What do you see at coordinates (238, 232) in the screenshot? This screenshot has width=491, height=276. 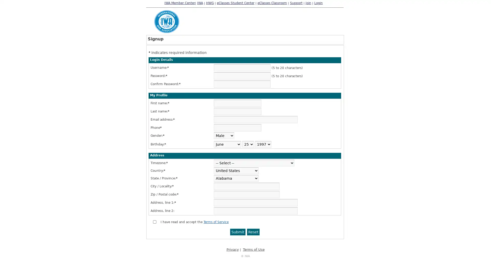 I see `Submit` at bounding box center [238, 232].